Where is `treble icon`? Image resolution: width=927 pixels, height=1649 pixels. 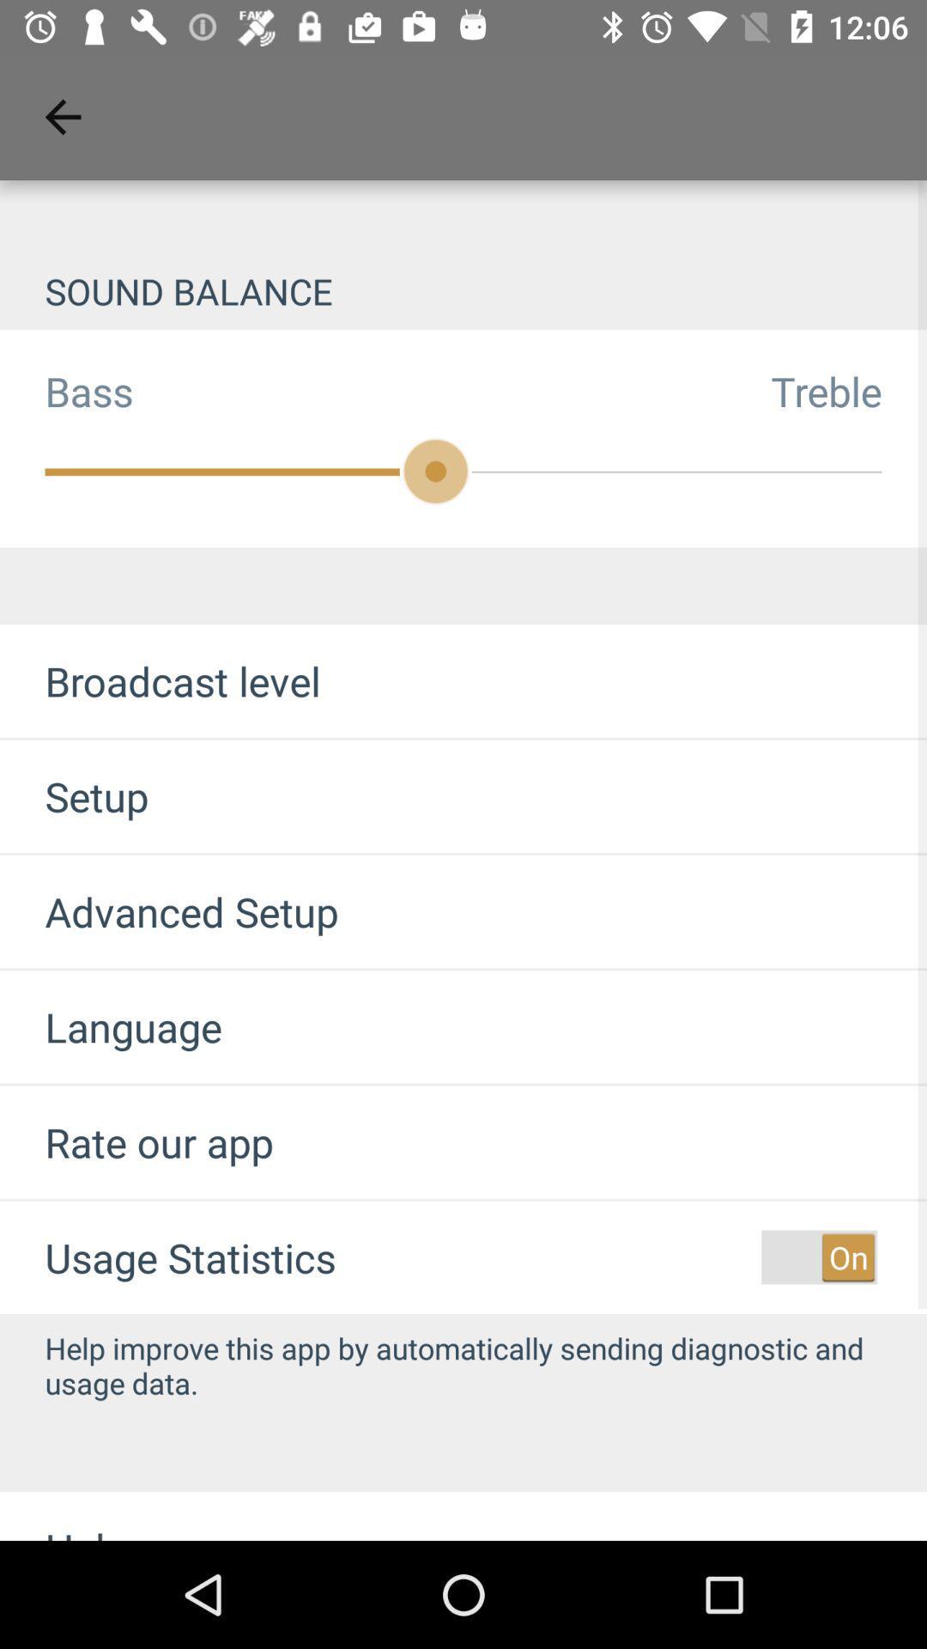 treble icon is located at coordinates (848, 390).